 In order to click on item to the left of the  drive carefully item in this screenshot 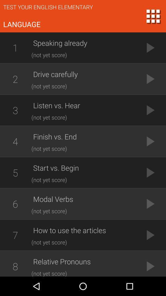, I will do `click(15, 79)`.